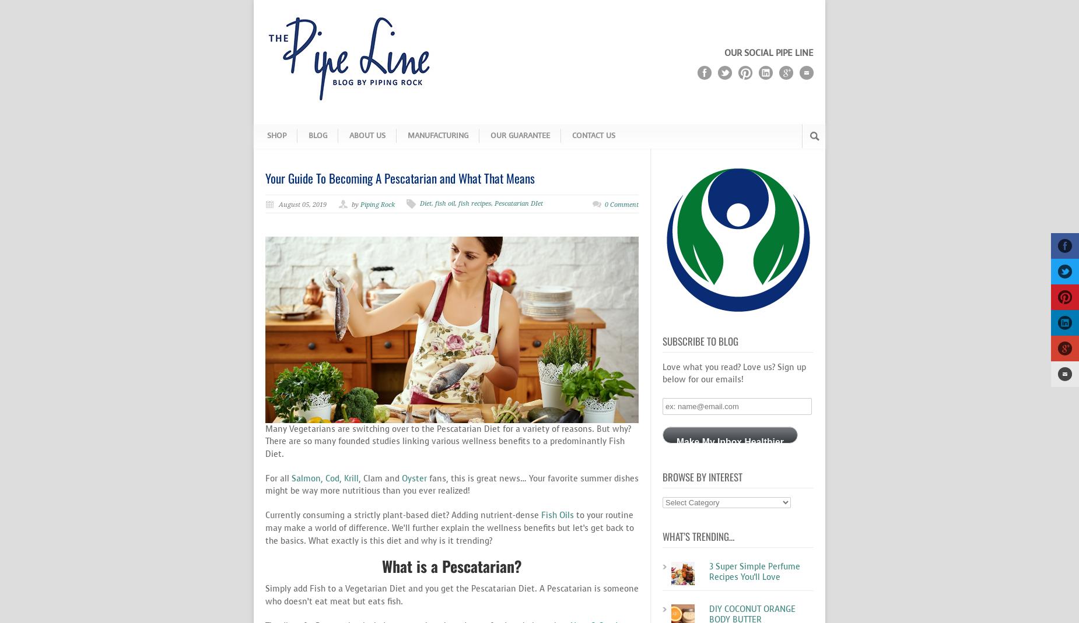  Describe the element at coordinates (733, 373) in the screenshot. I see `'Love what you read? Love us? Sign up below for our emails!'` at that location.